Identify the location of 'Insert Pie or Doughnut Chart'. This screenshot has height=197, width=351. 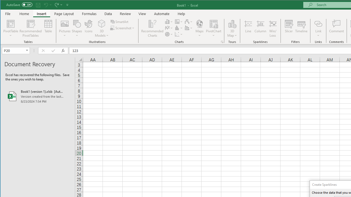
(169, 34).